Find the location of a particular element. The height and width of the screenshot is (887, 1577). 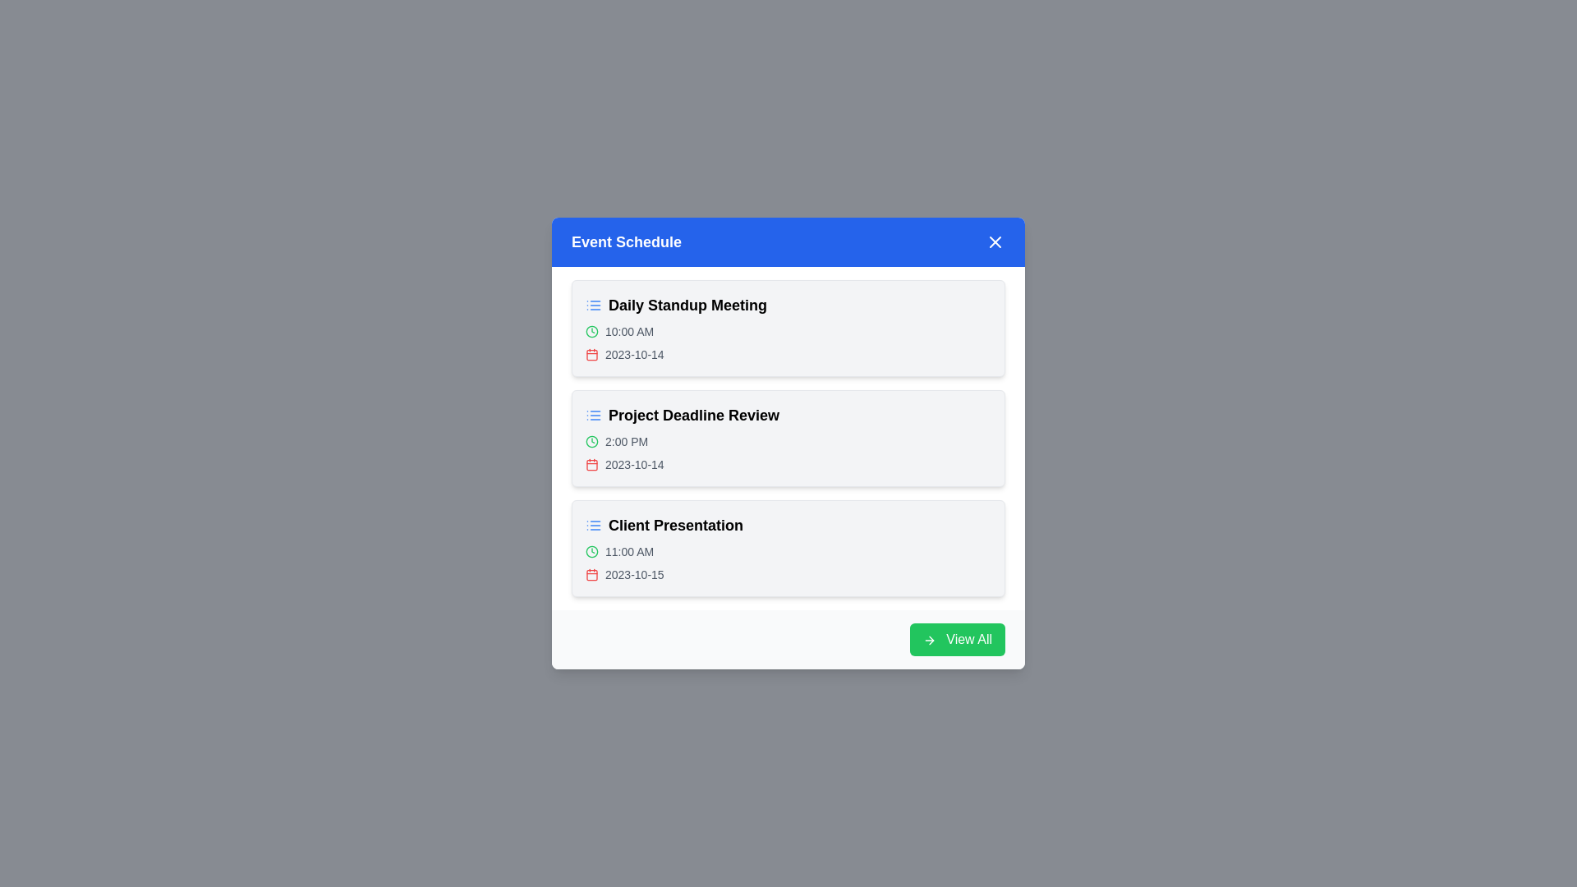

the calendar date icon located to the left of the date 2023-10-14 and below the time 10:00 AM in the first event entry of the event schedule list is located at coordinates (591, 354).